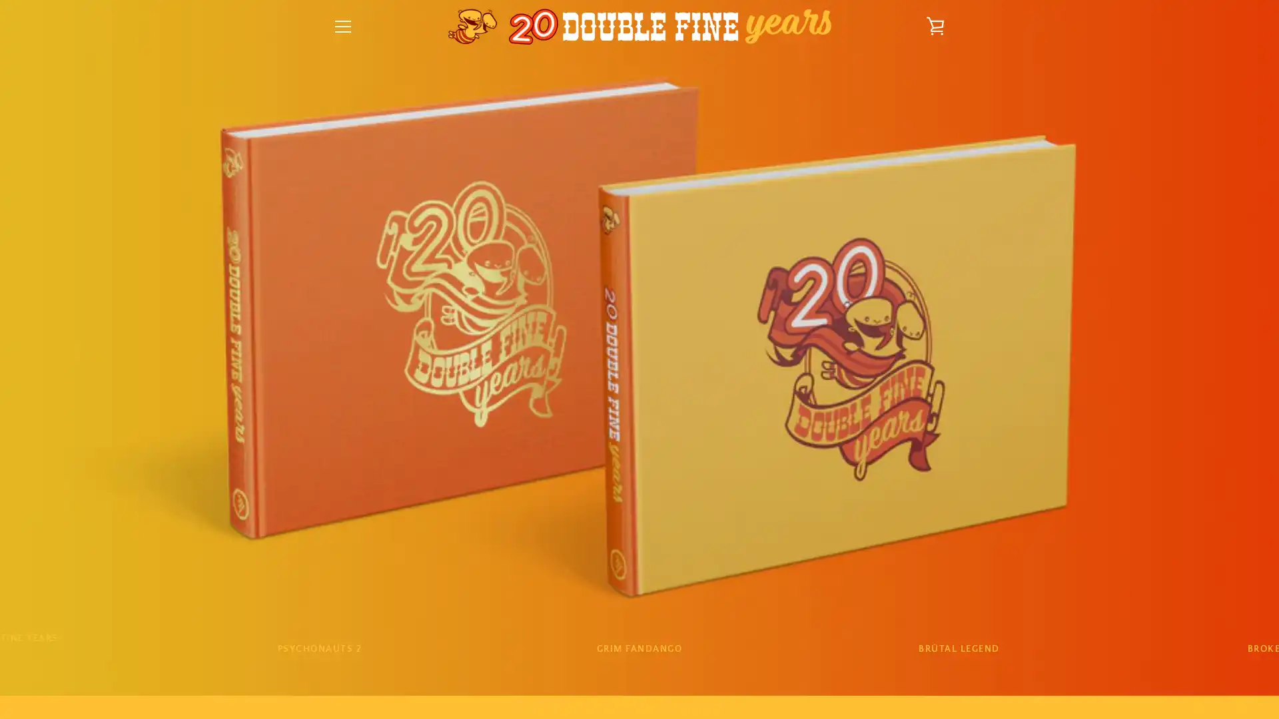  I want to click on SUBSCRIBE, so click(913, 599).